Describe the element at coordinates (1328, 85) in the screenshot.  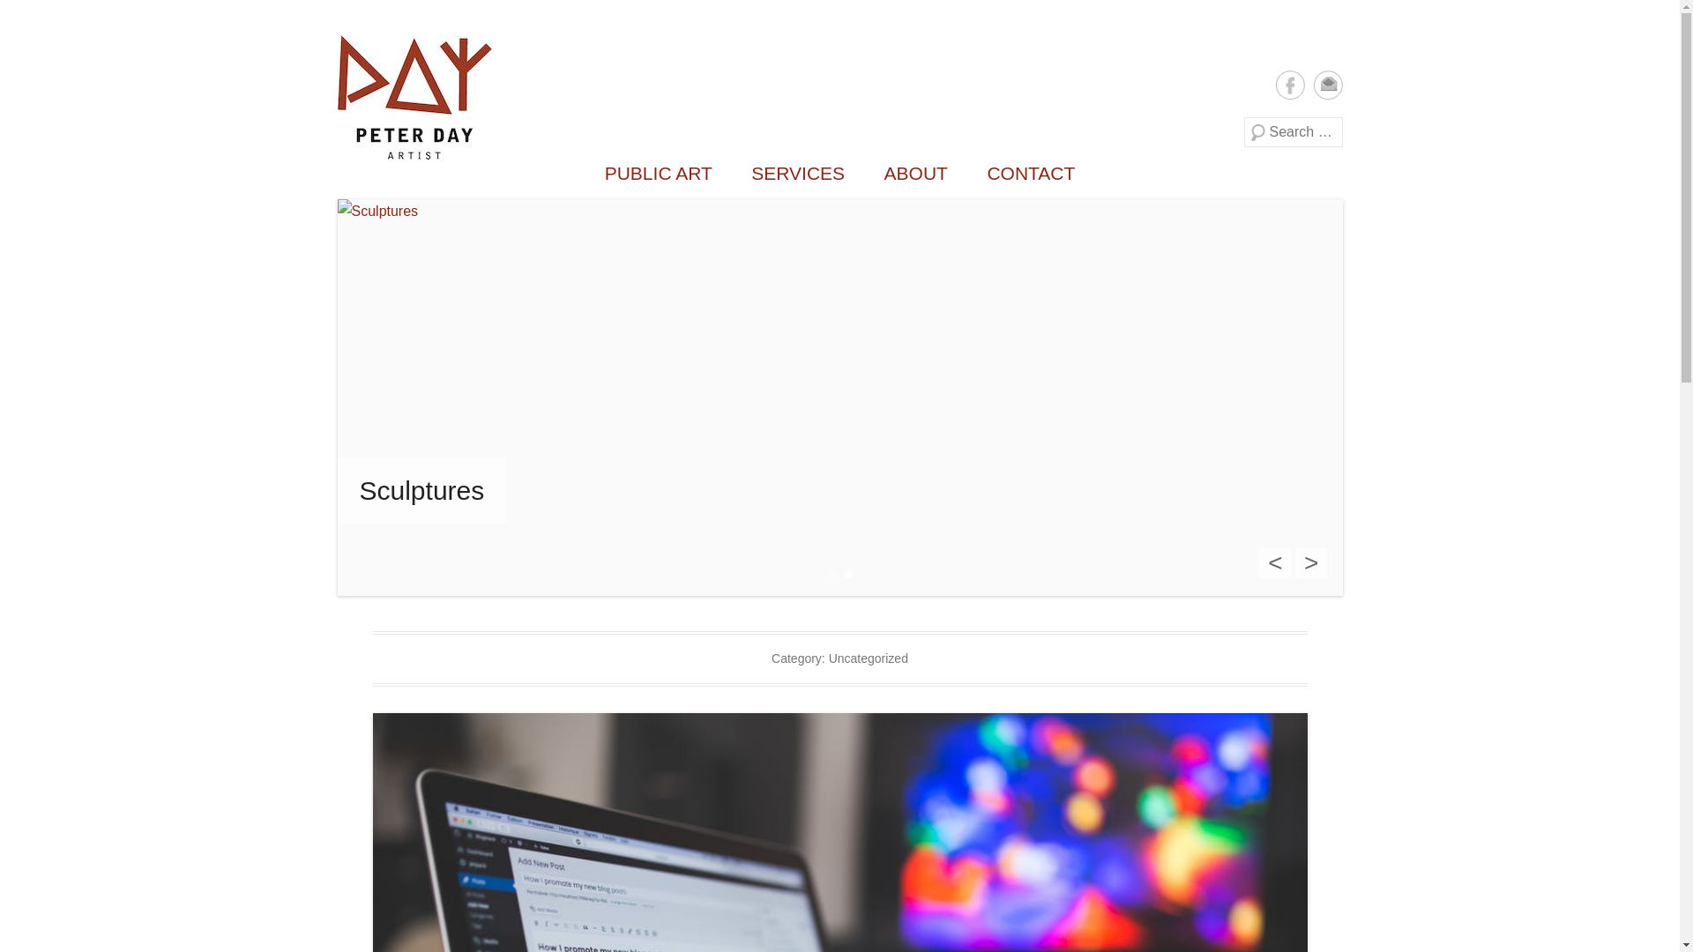
I see `'Email'` at that location.